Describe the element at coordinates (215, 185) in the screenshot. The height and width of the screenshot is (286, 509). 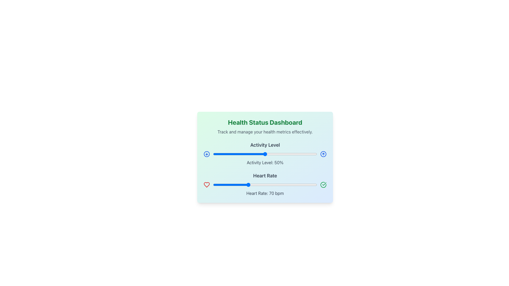
I see `heart rate` at that location.